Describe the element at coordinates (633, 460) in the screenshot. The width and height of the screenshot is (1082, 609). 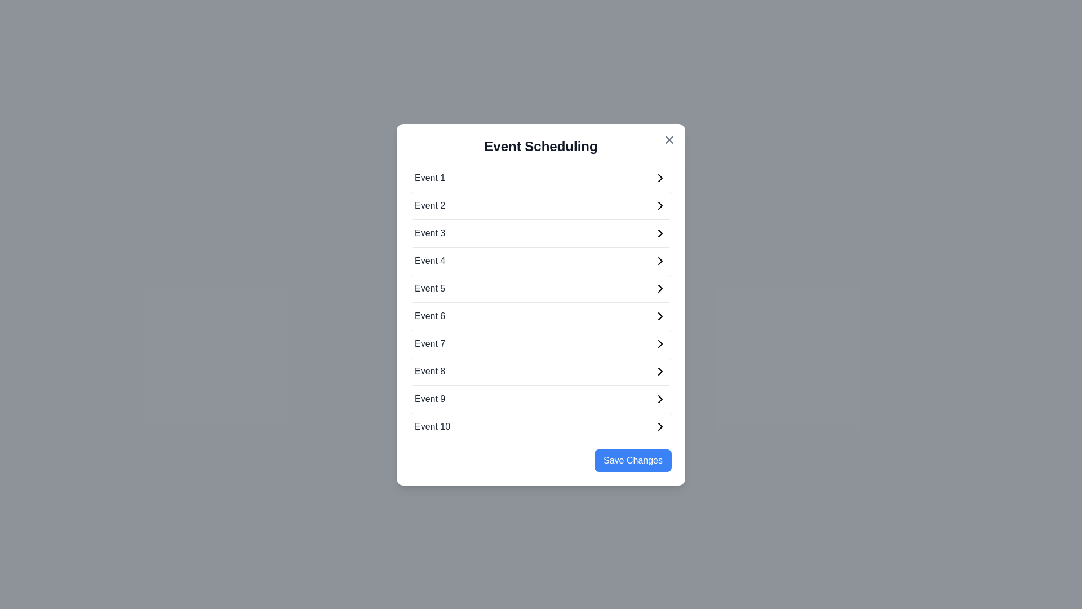
I see `the 'Save Changes' button to save the changes and close the dialog` at that location.